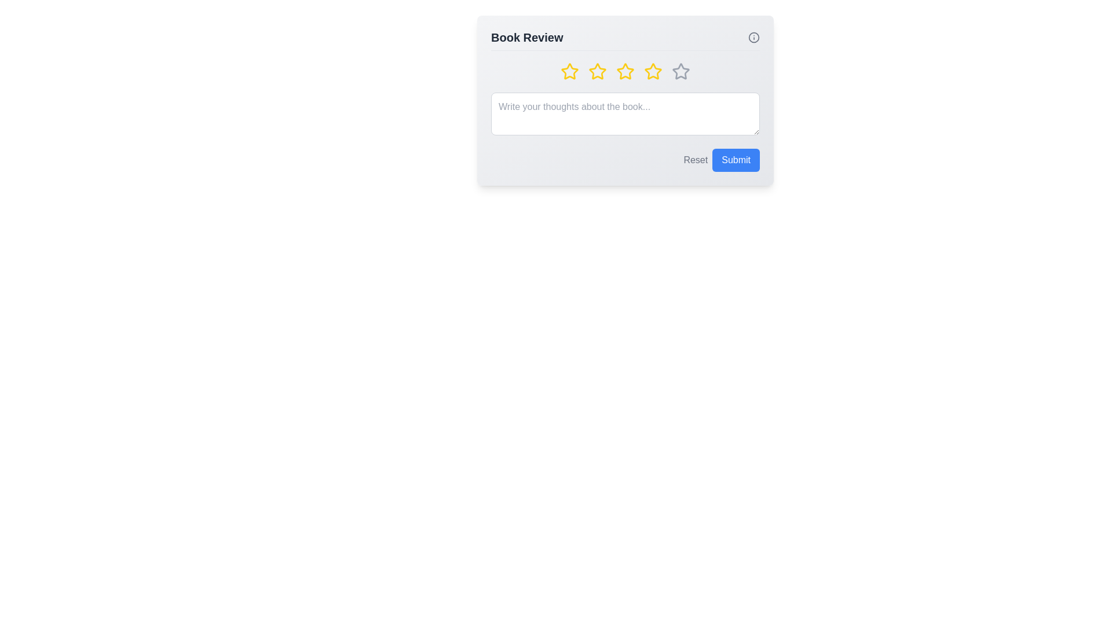 This screenshot has width=1112, height=625. I want to click on the star corresponding to the desired rating 5, so click(681, 71).